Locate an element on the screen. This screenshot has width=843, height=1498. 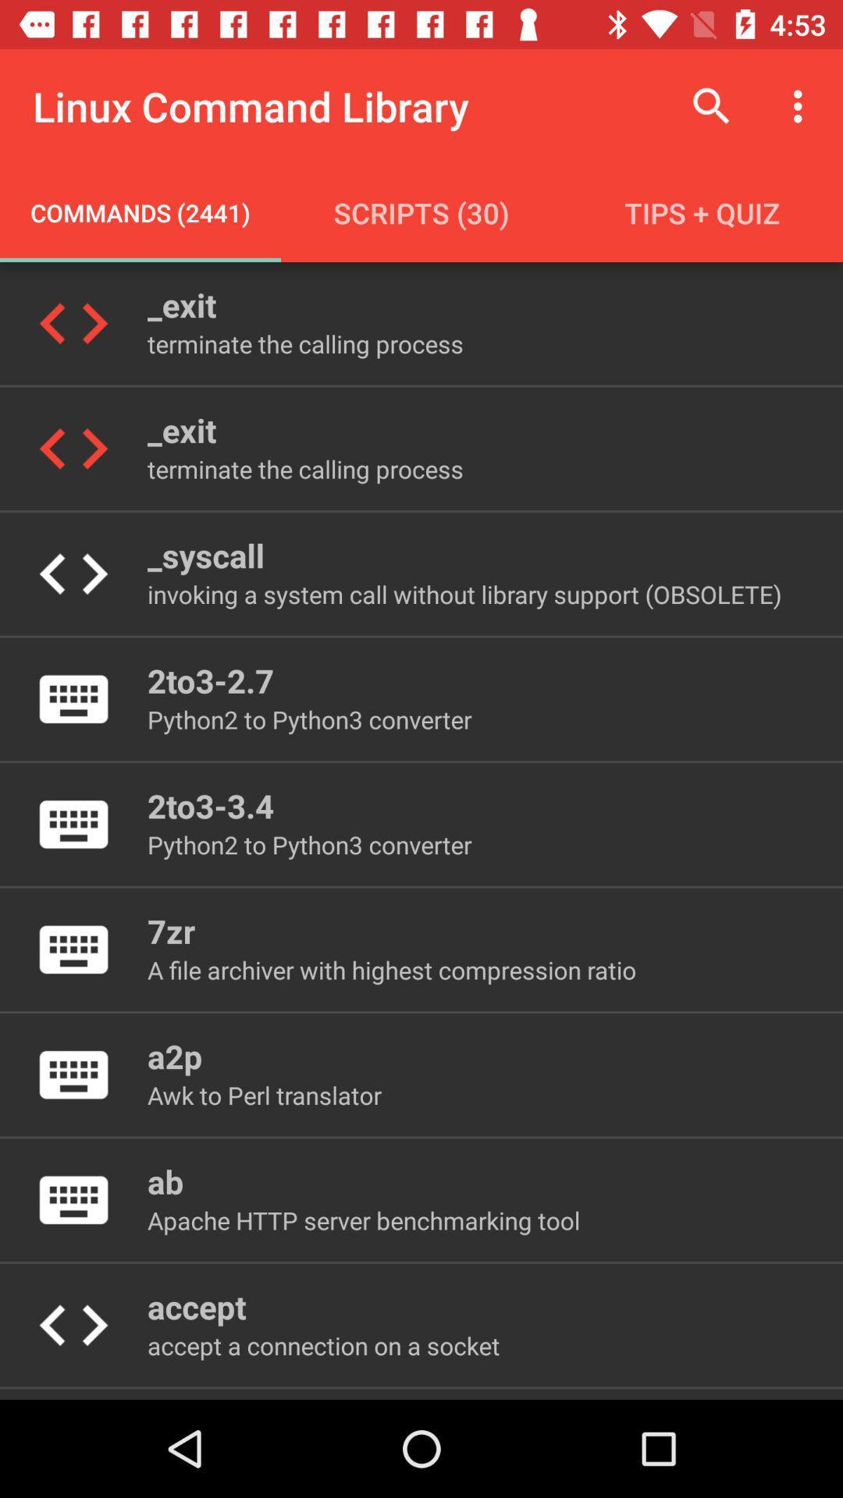
the icon above accept icon is located at coordinates (364, 1219).